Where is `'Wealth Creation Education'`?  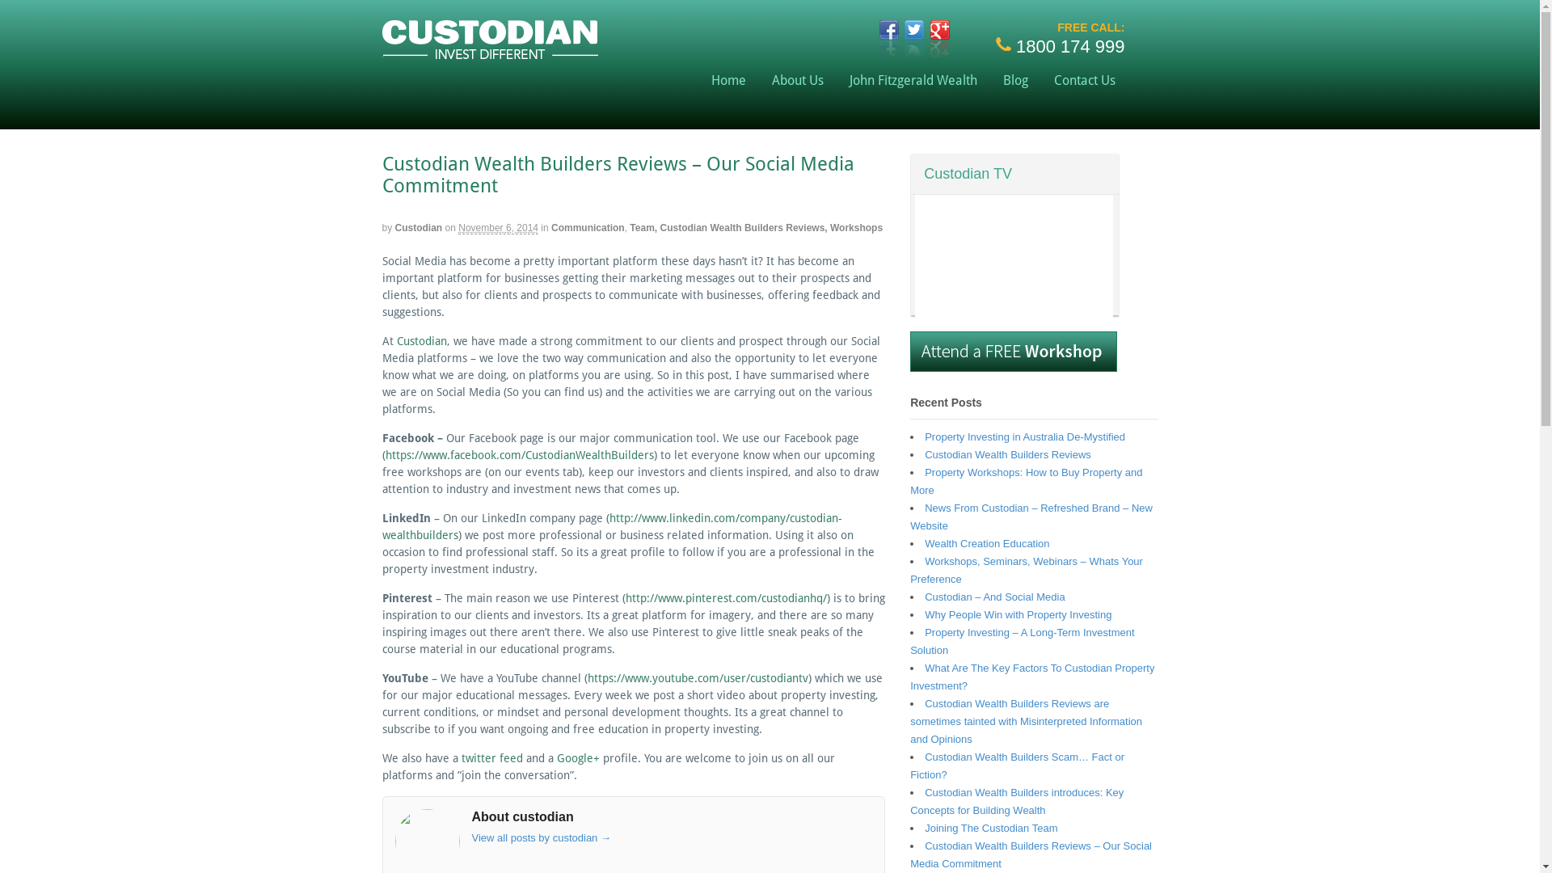
'Wealth Creation Education' is located at coordinates (985, 543).